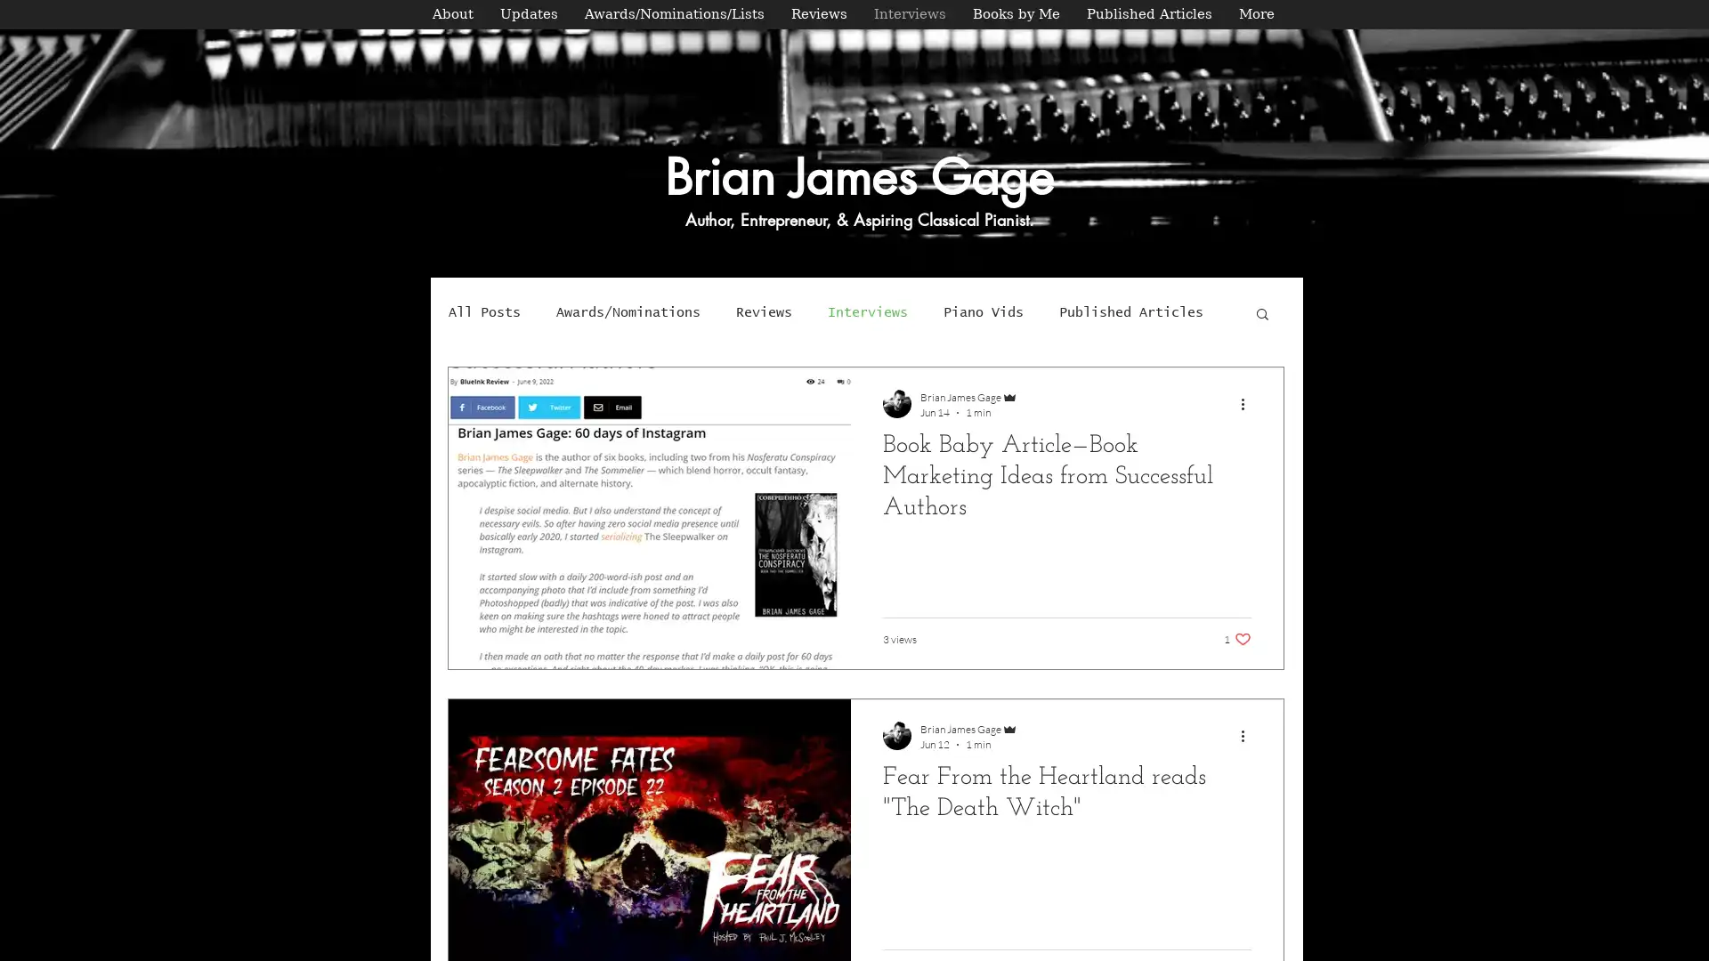 Image resolution: width=1709 pixels, height=961 pixels. Describe the element at coordinates (982, 311) in the screenshot. I see `Piano Vids` at that location.